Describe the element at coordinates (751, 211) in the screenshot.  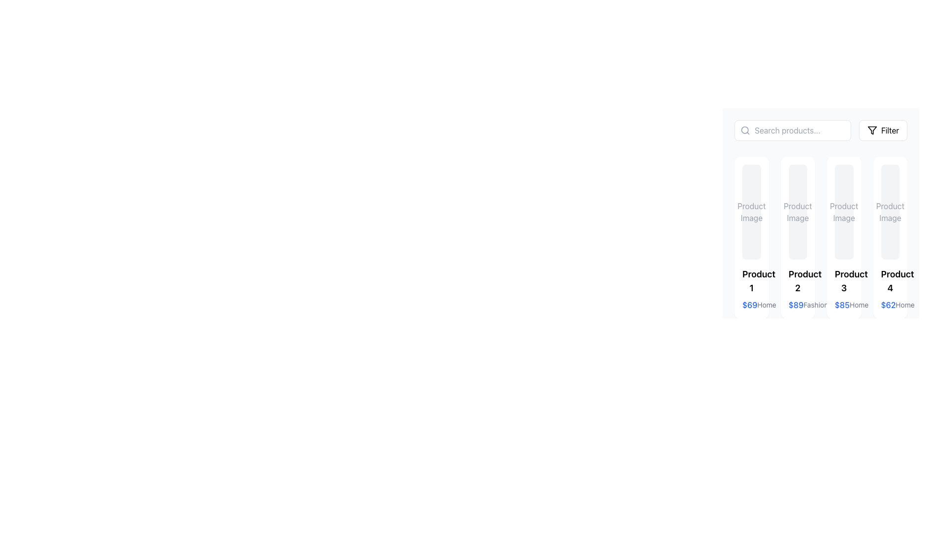
I see `the 'Product Image' placeholder text, which is styled in gray and centered within a rounded rectangular area in the first column of product placeholders` at that location.